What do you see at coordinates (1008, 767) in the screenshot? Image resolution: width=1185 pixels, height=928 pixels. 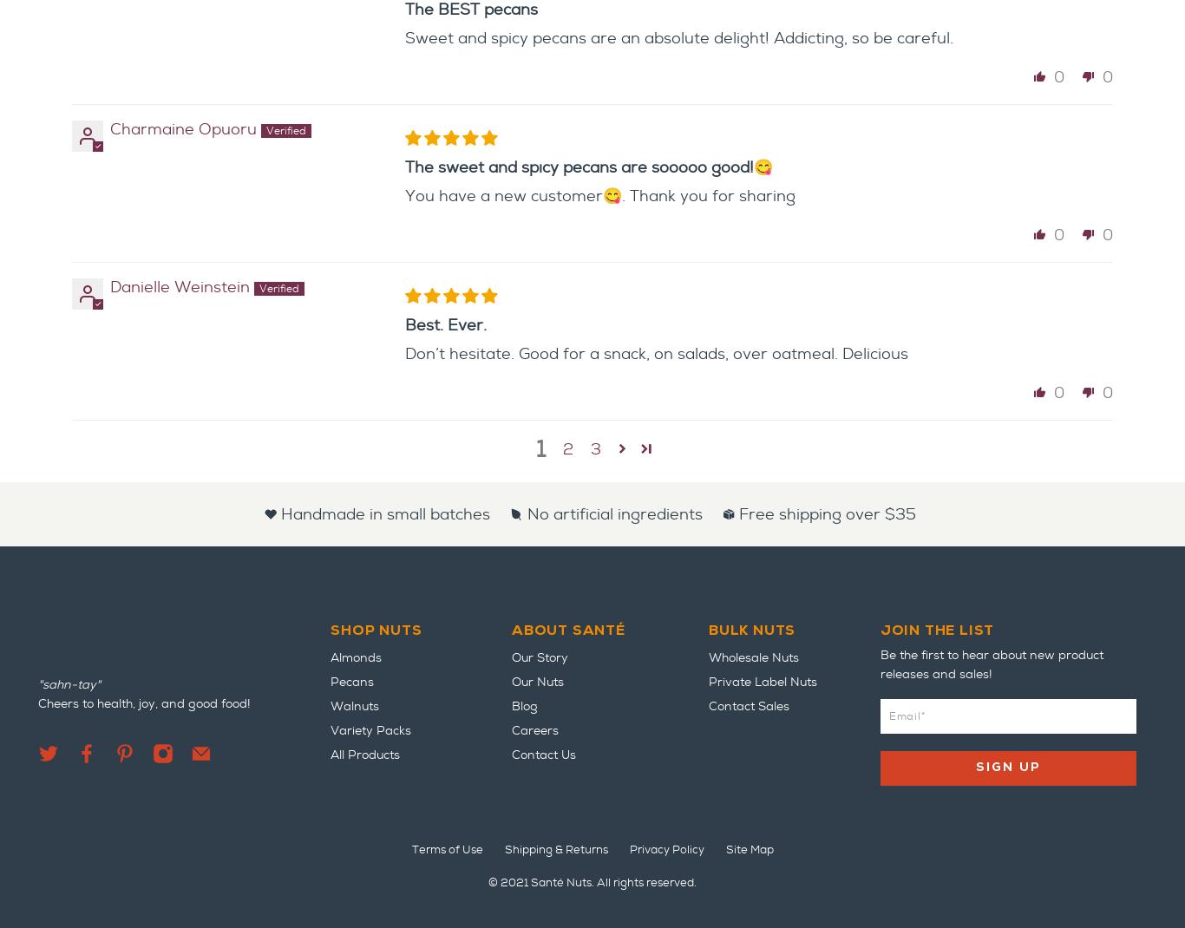 I see `'Sign Up'` at bounding box center [1008, 767].